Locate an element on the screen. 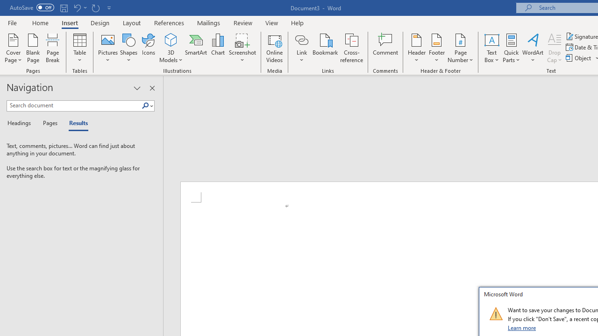 The height and width of the screenshot is (336, 598). 'Drop Cap' is located at coordinates (555, 48).